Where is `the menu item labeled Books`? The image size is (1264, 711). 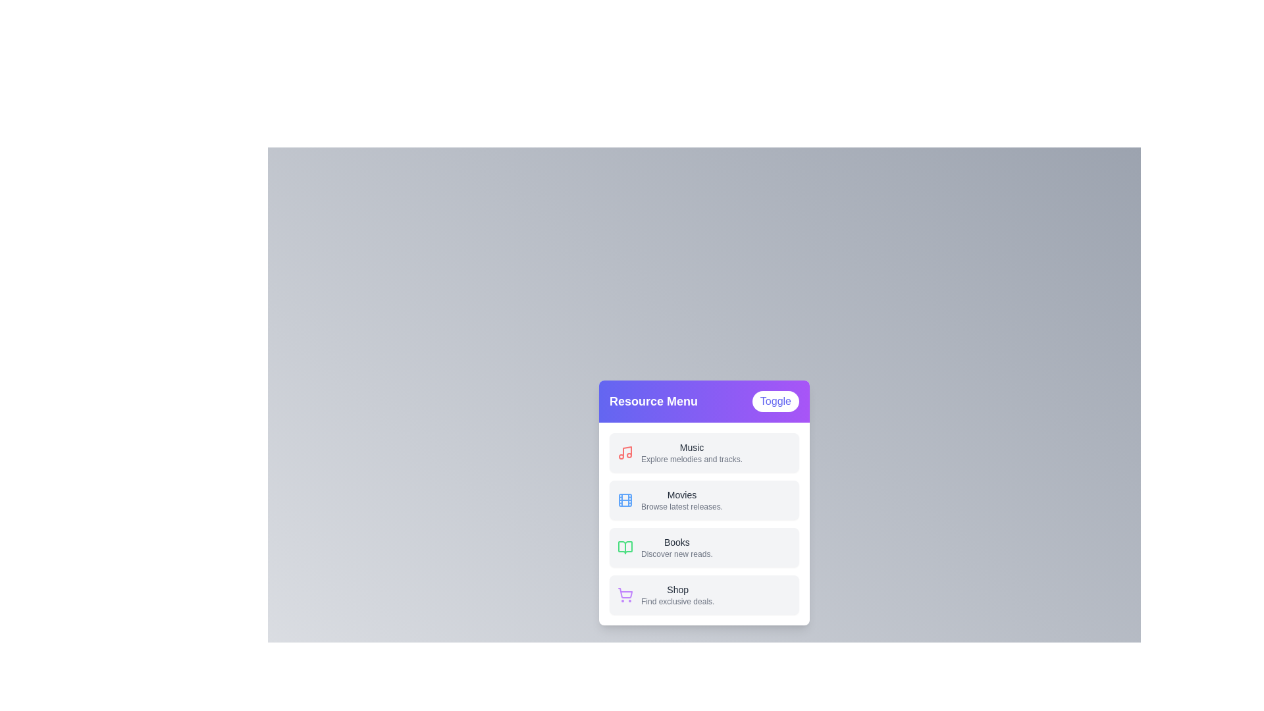 the menu item labeled Books is located at coordinates (704, 548).